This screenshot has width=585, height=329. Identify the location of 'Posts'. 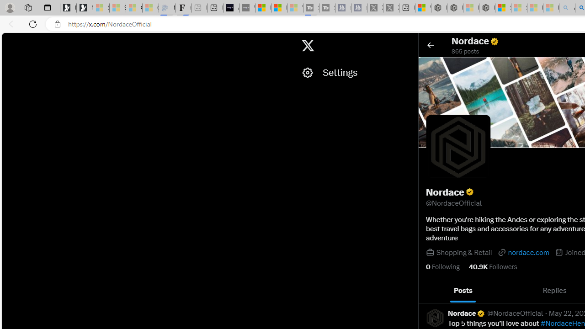
(463, 291).